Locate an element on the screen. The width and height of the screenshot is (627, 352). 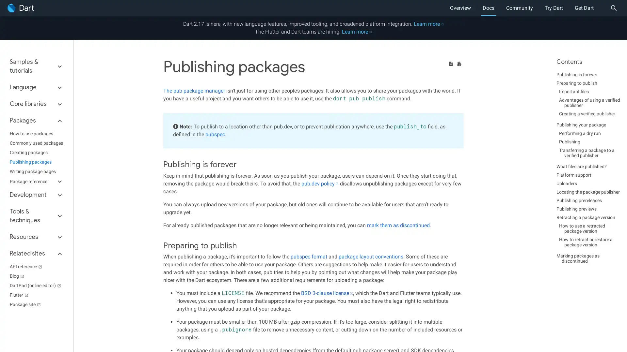
Resources keyboard_arrow_down is located at coordinates (36, 237).